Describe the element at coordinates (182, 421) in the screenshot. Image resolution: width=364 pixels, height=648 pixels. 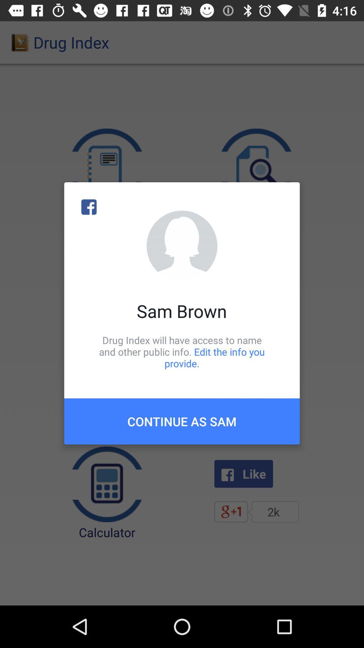
I see `item below drug index will item` at that location.